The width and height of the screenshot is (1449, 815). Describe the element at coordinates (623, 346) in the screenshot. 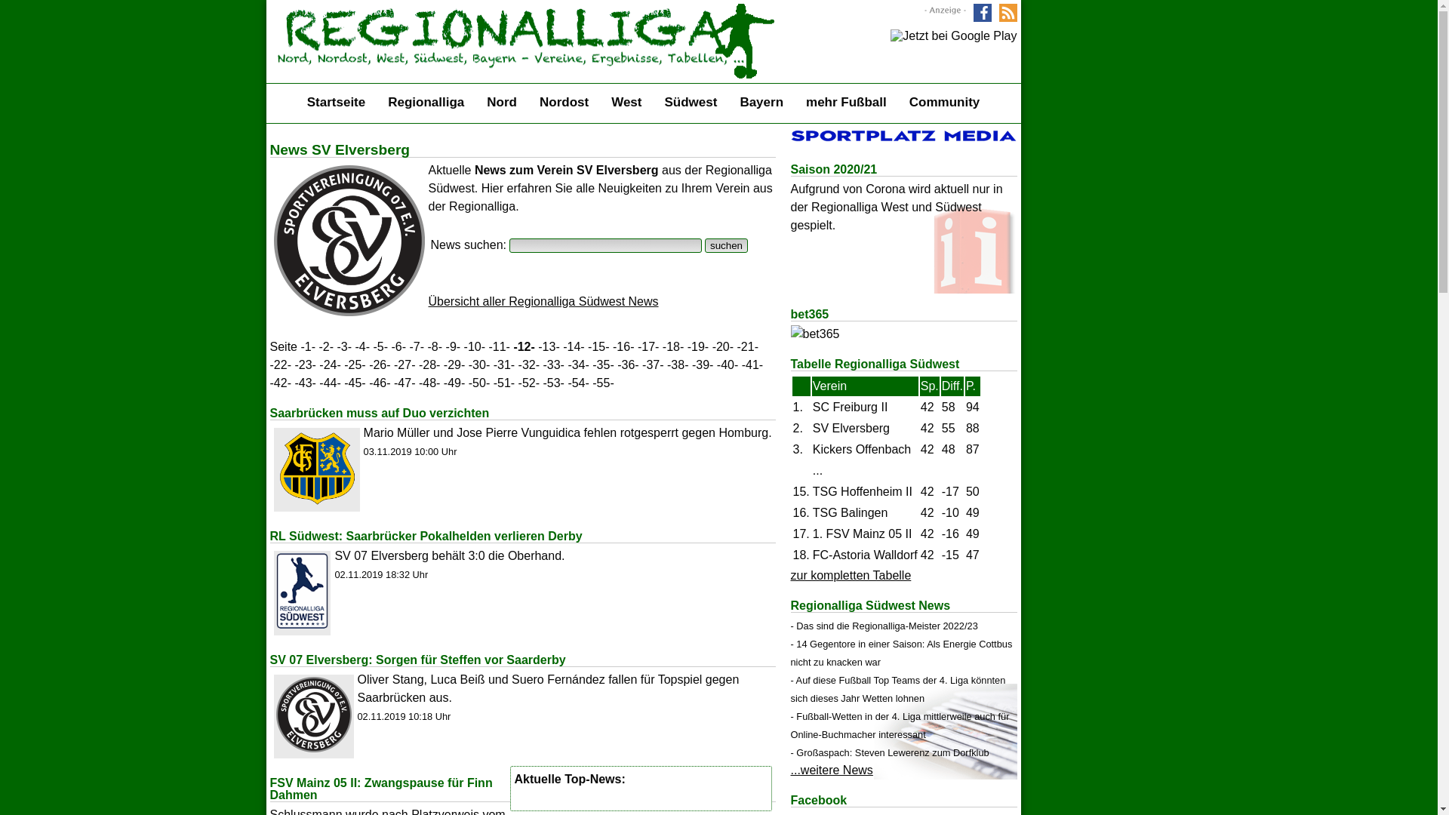

I see `'-16-'` at that location.